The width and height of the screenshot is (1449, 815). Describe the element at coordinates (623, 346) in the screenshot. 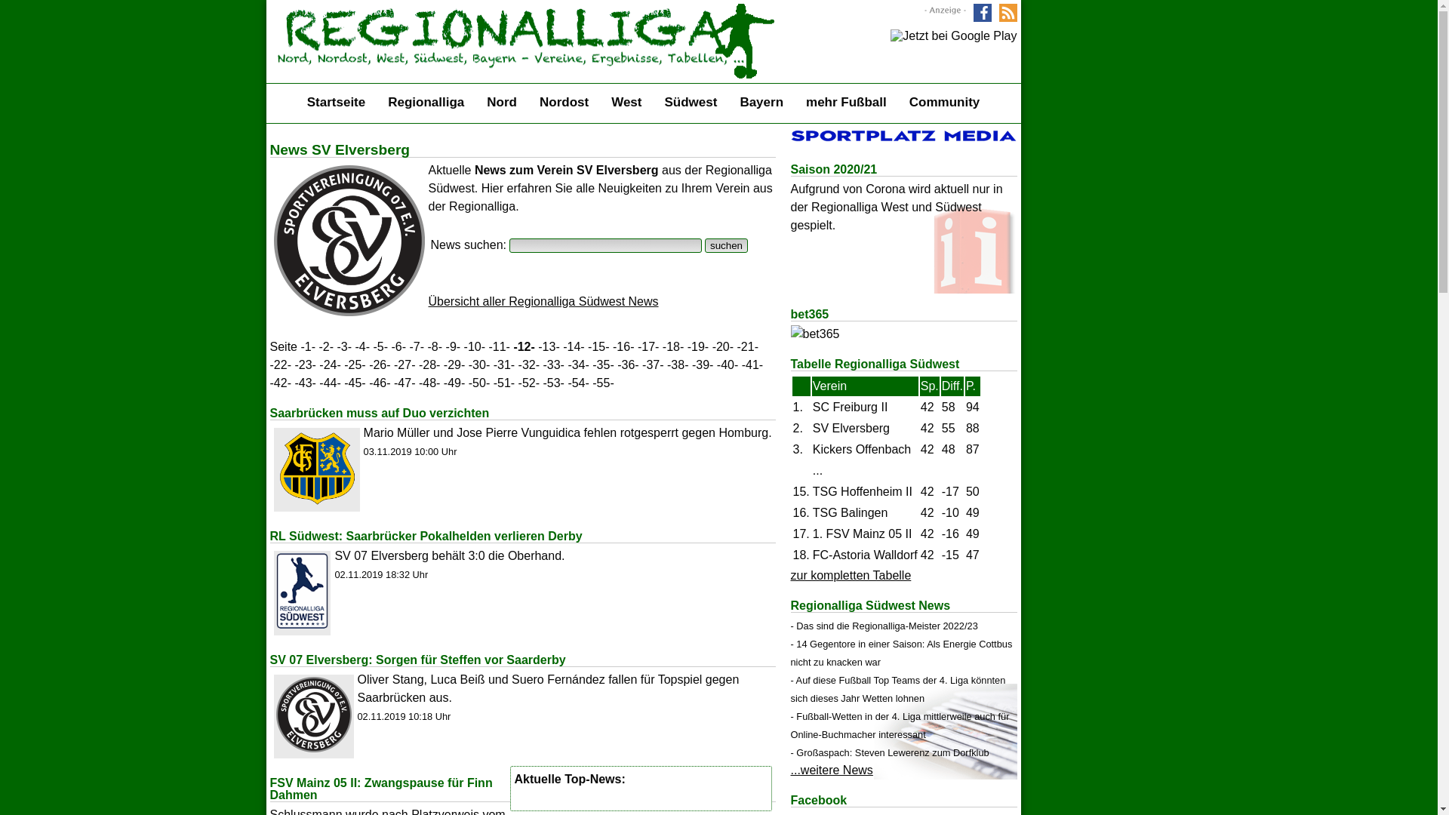

I see `'-16-'` at that location.